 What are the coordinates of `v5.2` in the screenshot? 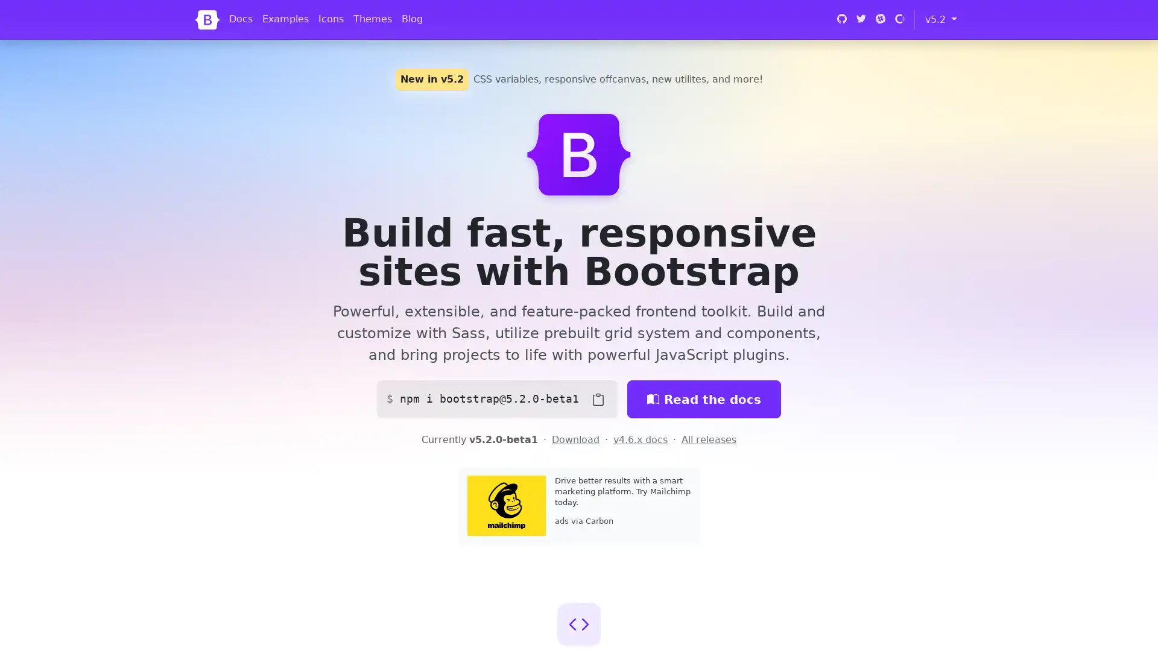 It's located at (940, 20).